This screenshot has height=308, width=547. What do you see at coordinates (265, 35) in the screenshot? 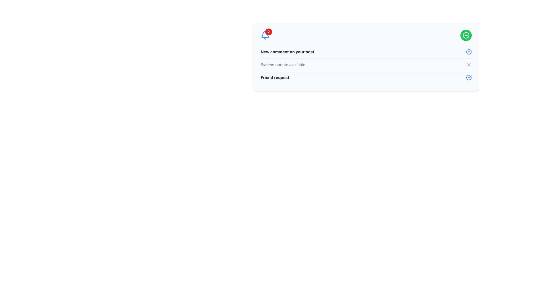
I see `the notification icon located at the top-left area of the interface, which has a red badge displaying a numerical count of pending alerts or messages` at bounding box center [265, 35].